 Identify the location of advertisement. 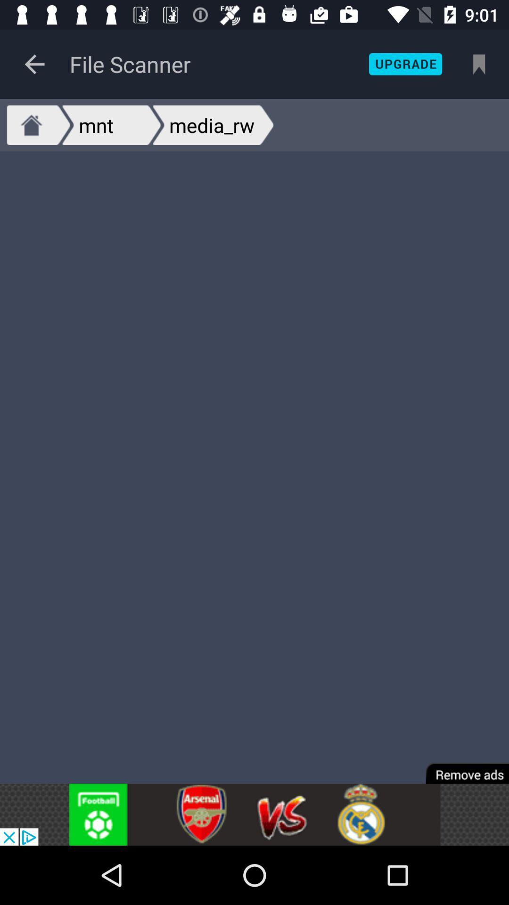
(460, 767).